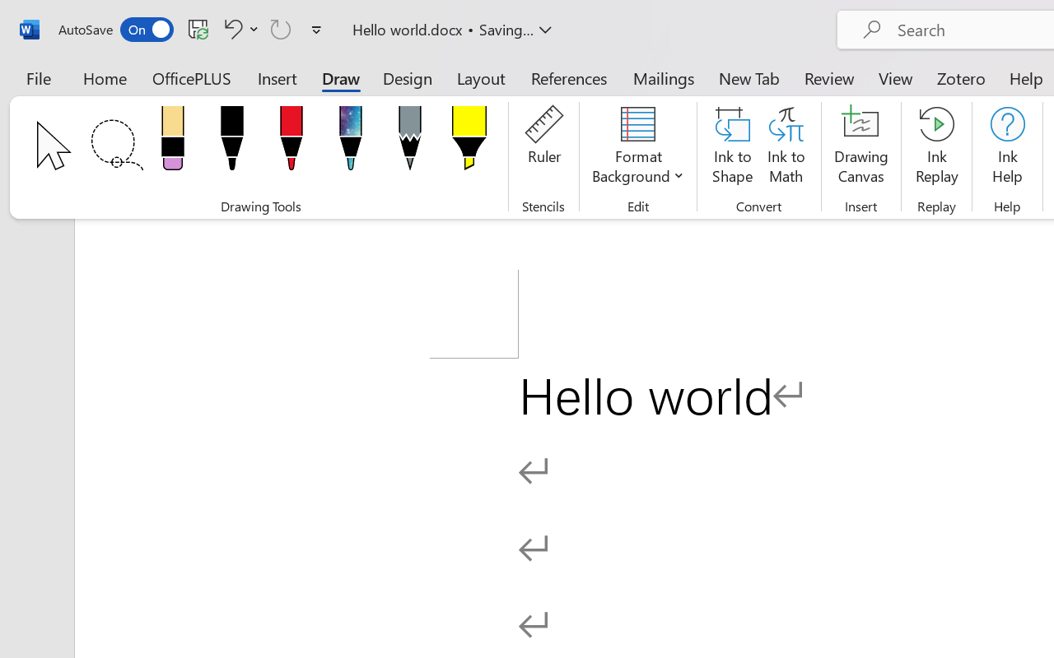 Image resolution: width=1054 pixels, height=658 pixels. I want to click on 'References', so click(569, 77).